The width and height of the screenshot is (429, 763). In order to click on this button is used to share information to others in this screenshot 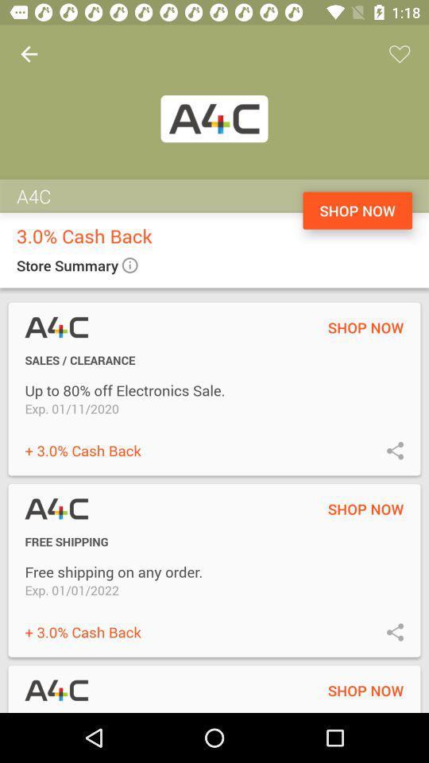, I will do `click(394, 632)`.